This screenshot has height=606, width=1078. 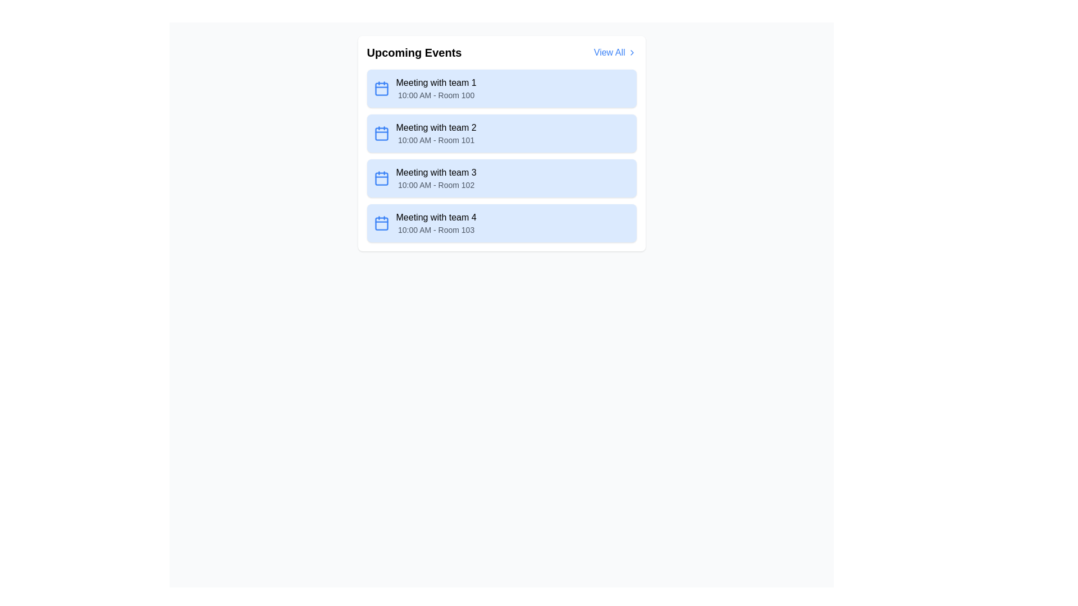 What do you see at coordinates (632, 52) in the screenshot?
I see `the visual indicator icon located at the top-right corner of the 'Upcoming Events' section, immediately to the right of the 'View All' text` at bounding box center [632, 52].